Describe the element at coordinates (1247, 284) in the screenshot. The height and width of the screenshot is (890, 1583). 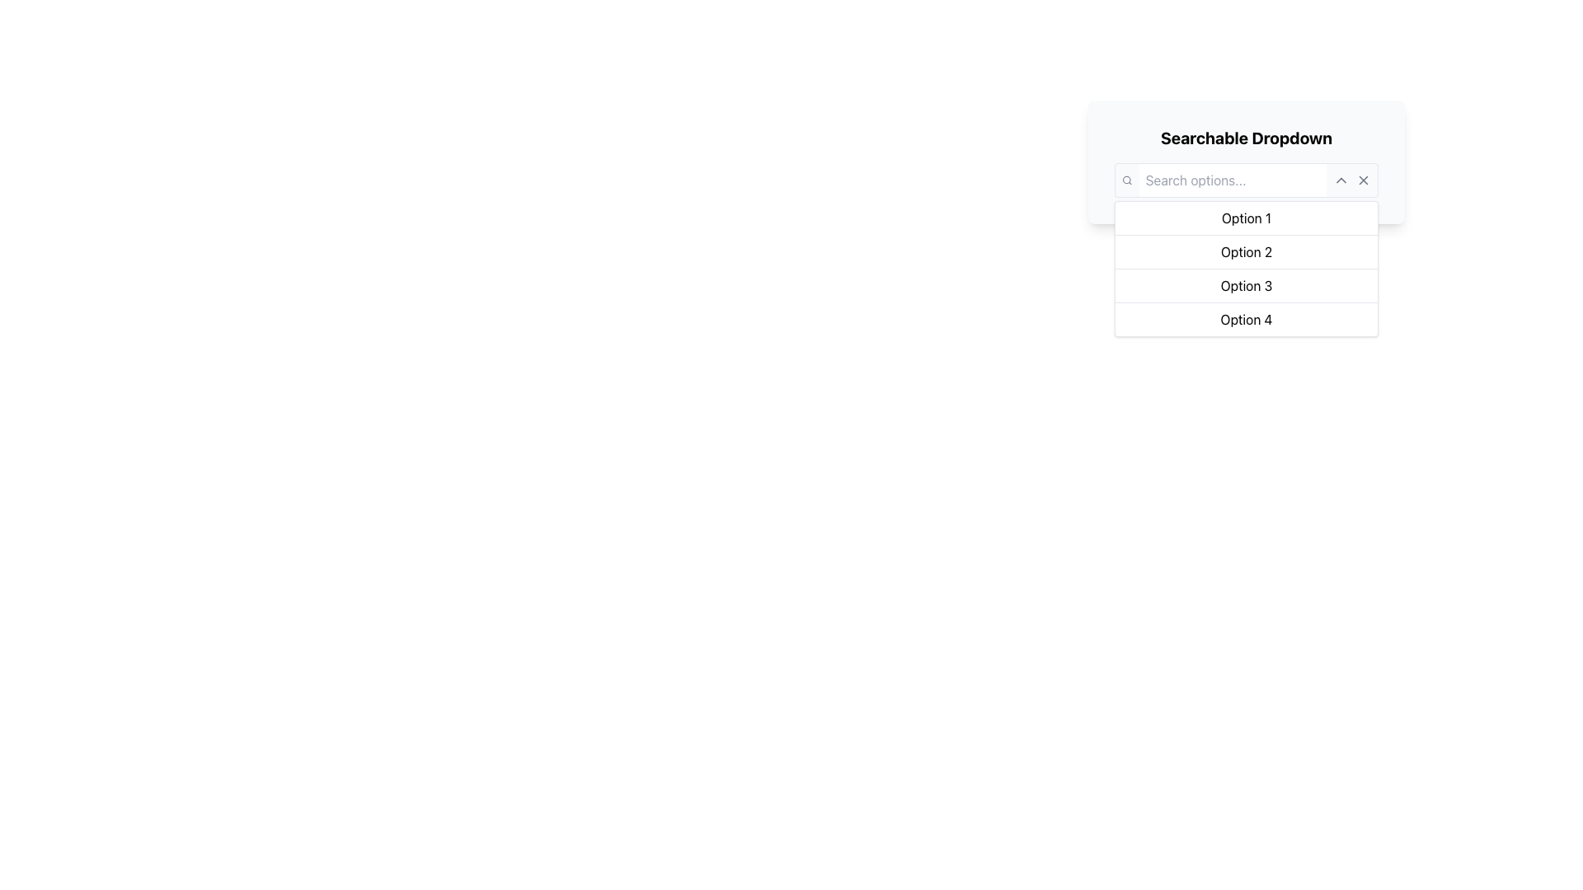
I see `the third selectable option in the dropdown menu to activate the background change effect` at that location.